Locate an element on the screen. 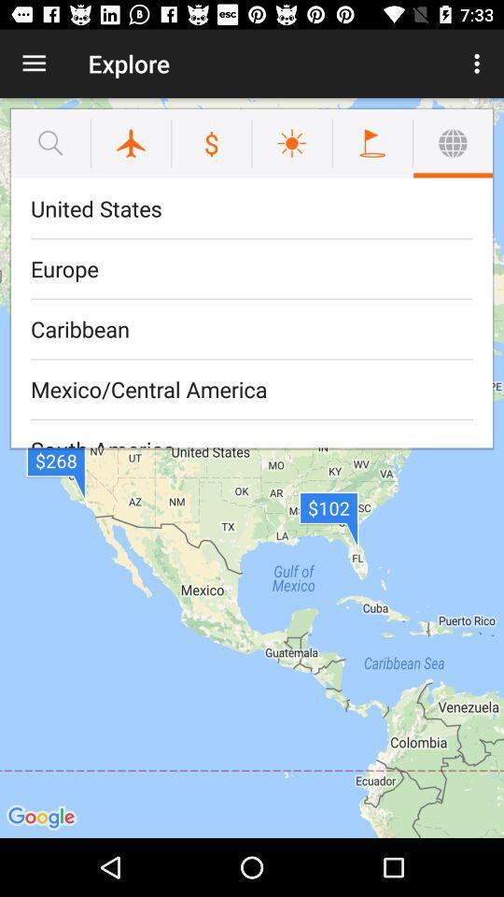 The image size is (504, 897). the item next to explore is located at coordinates (34, 64).